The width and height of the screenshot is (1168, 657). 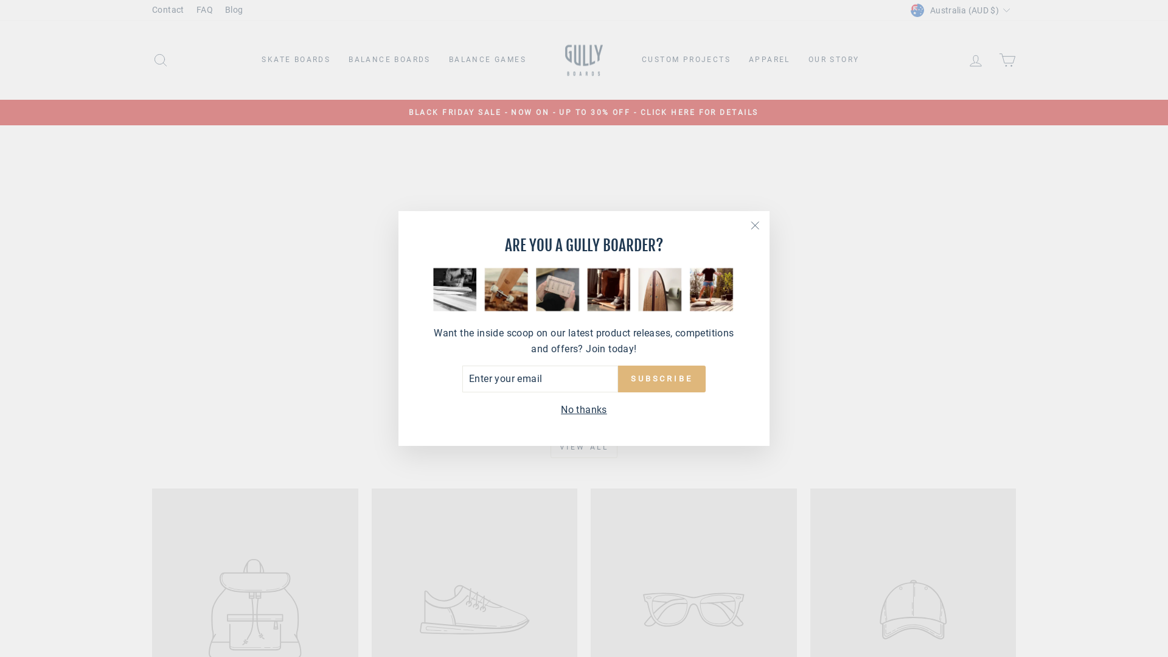 I want to click on 'LOG IN', so click(x=975, y=60).